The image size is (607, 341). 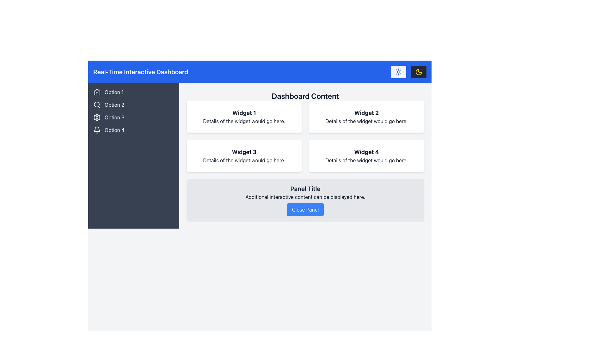 I want to click on the 'Option 1' text label in the vertical menu on the left side of the interface, so click(x=114, y=92).